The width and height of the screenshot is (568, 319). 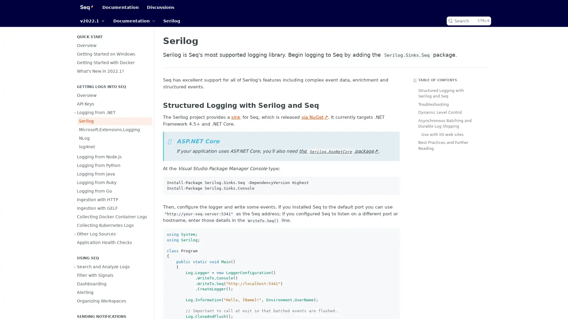 I want to click on Show subpages for Search and Analyze Logs, so click(x=75, y=266).